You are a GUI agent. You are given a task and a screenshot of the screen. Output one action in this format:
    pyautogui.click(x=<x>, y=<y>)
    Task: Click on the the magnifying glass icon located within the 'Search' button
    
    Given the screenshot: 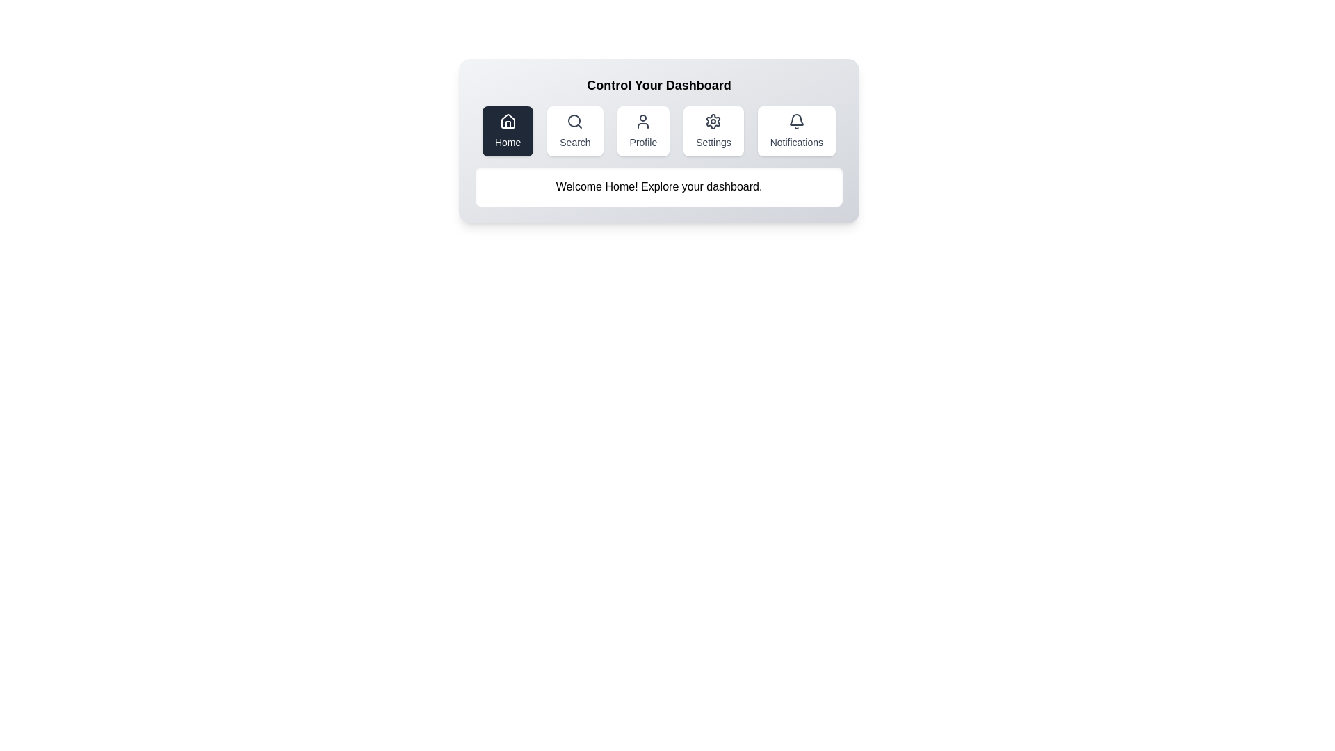 What is the action you would take?
    pyautogui.click(x=575, y=120)
    